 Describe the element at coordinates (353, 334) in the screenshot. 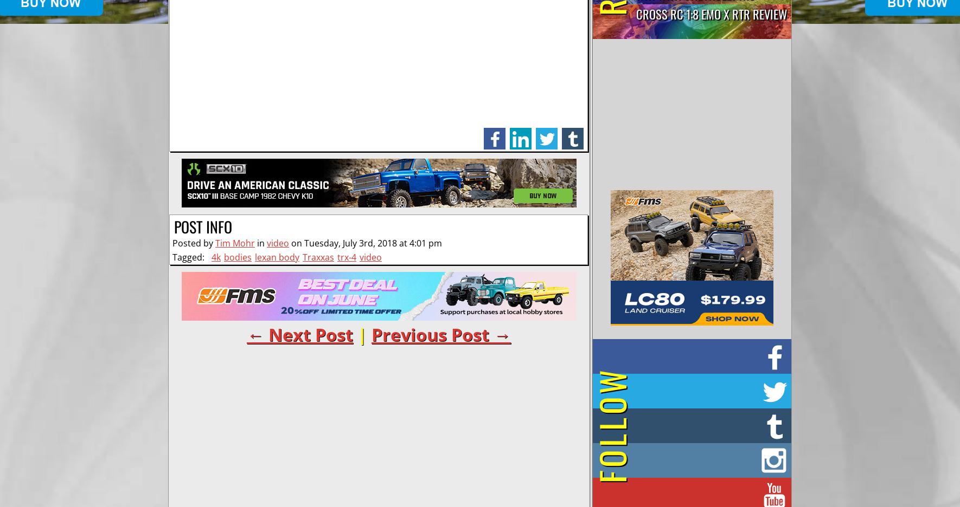

I see `'|'` at that location.